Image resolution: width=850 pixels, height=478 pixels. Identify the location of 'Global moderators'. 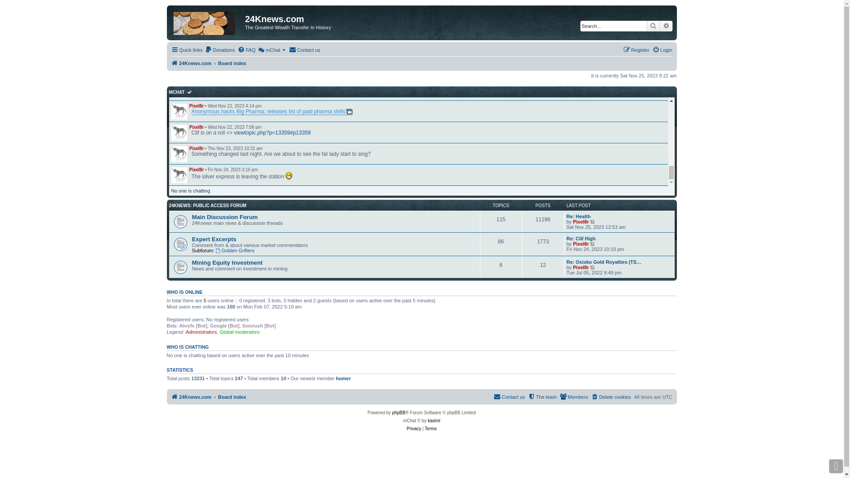
(240, 332).